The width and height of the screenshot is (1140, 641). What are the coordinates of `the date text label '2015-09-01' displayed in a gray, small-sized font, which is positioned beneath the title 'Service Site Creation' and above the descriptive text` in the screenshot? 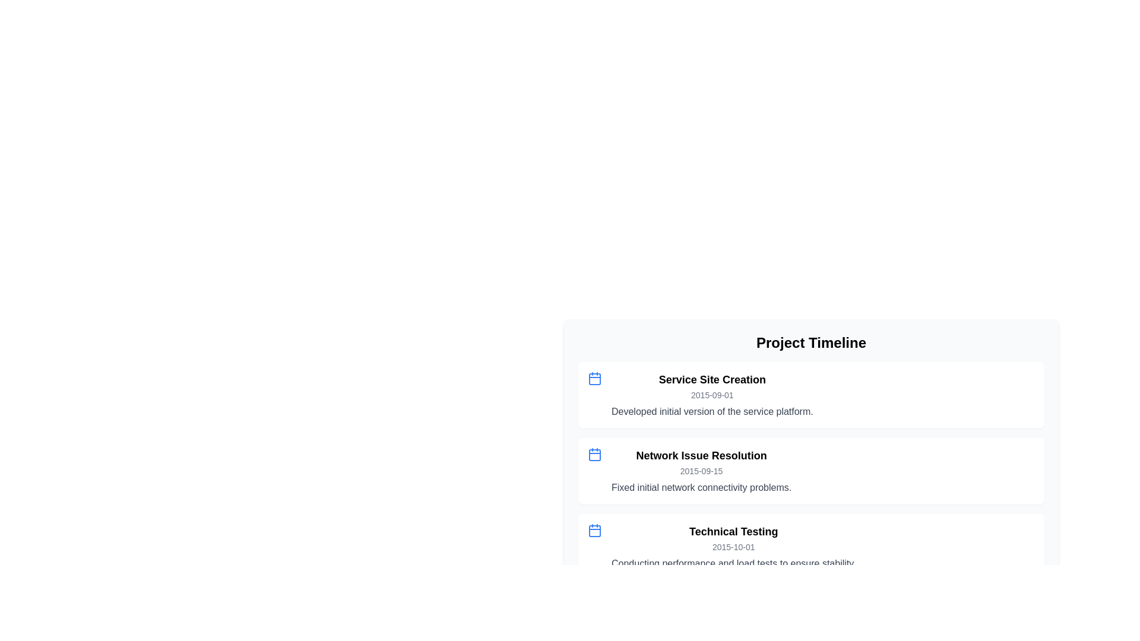 It's located at (712, 395).